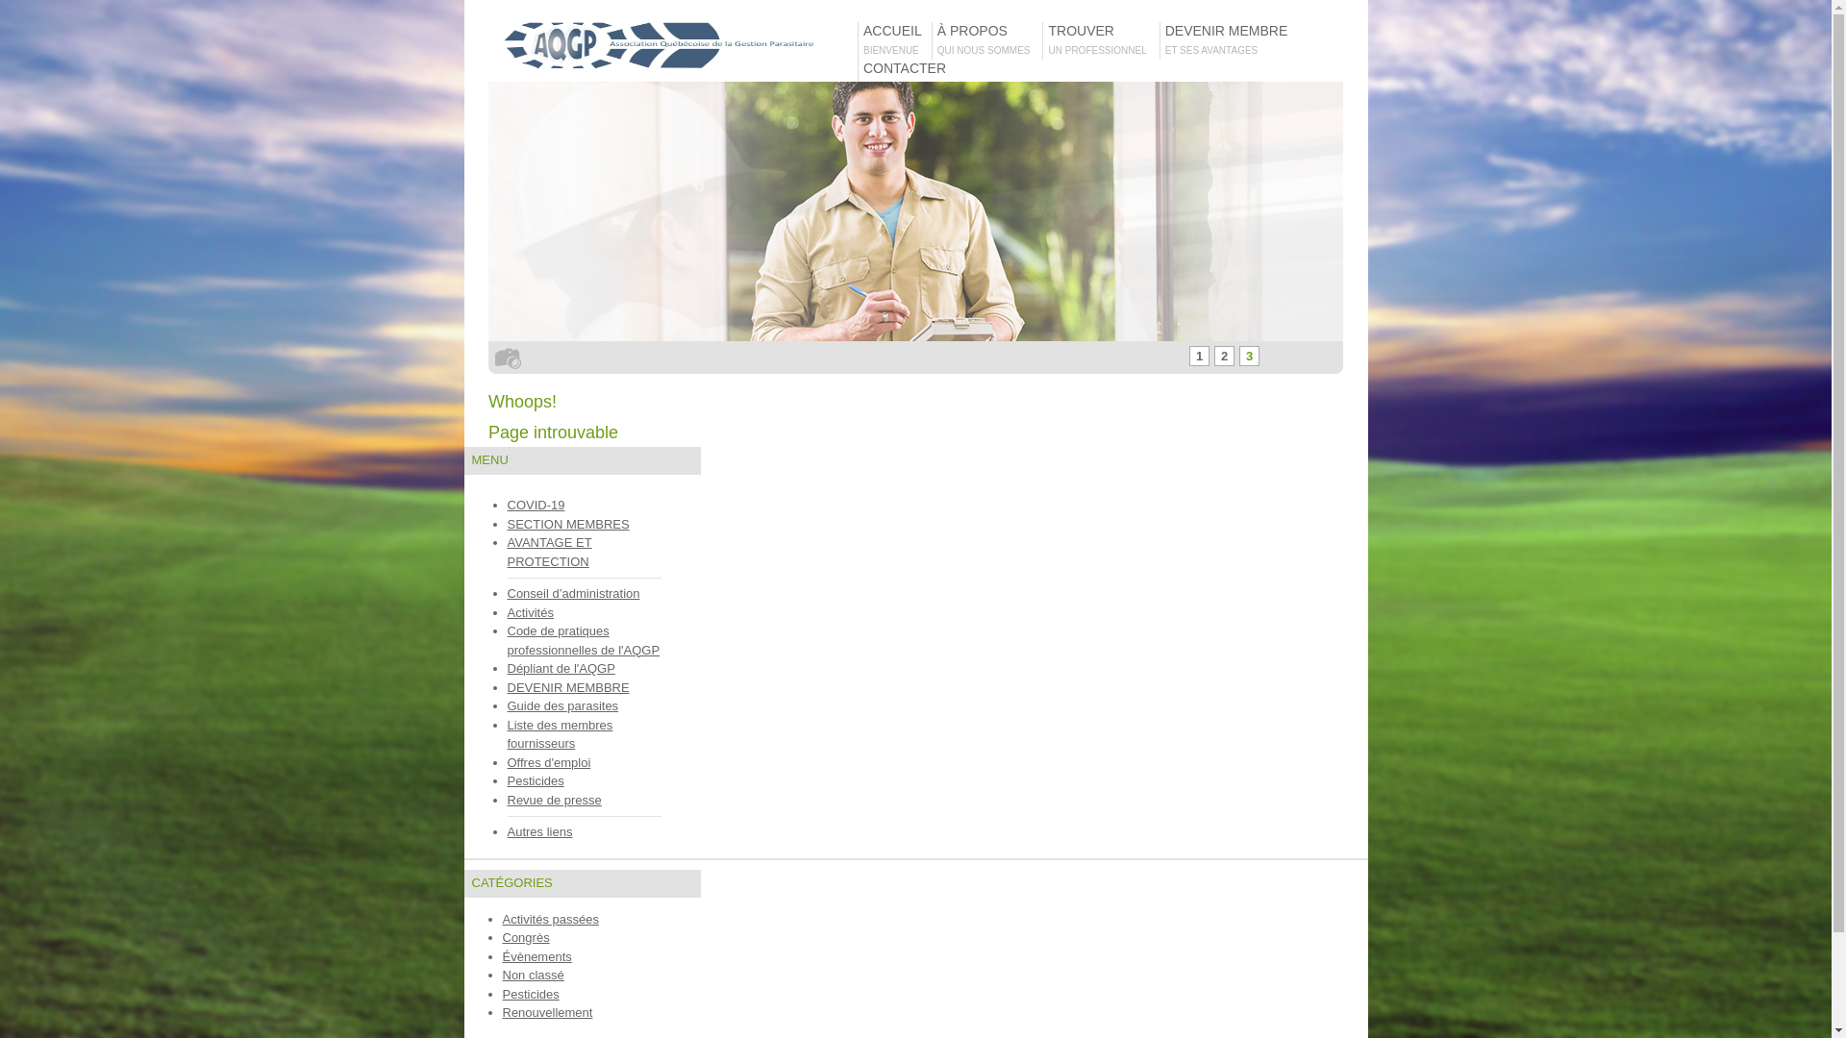 This screenshot has width=1846, height=1038. What do you see at coordinates (559, 734) in the screenshot?
I see `'Liste des membres fournisseurs'` at bounding box center [559, 734].